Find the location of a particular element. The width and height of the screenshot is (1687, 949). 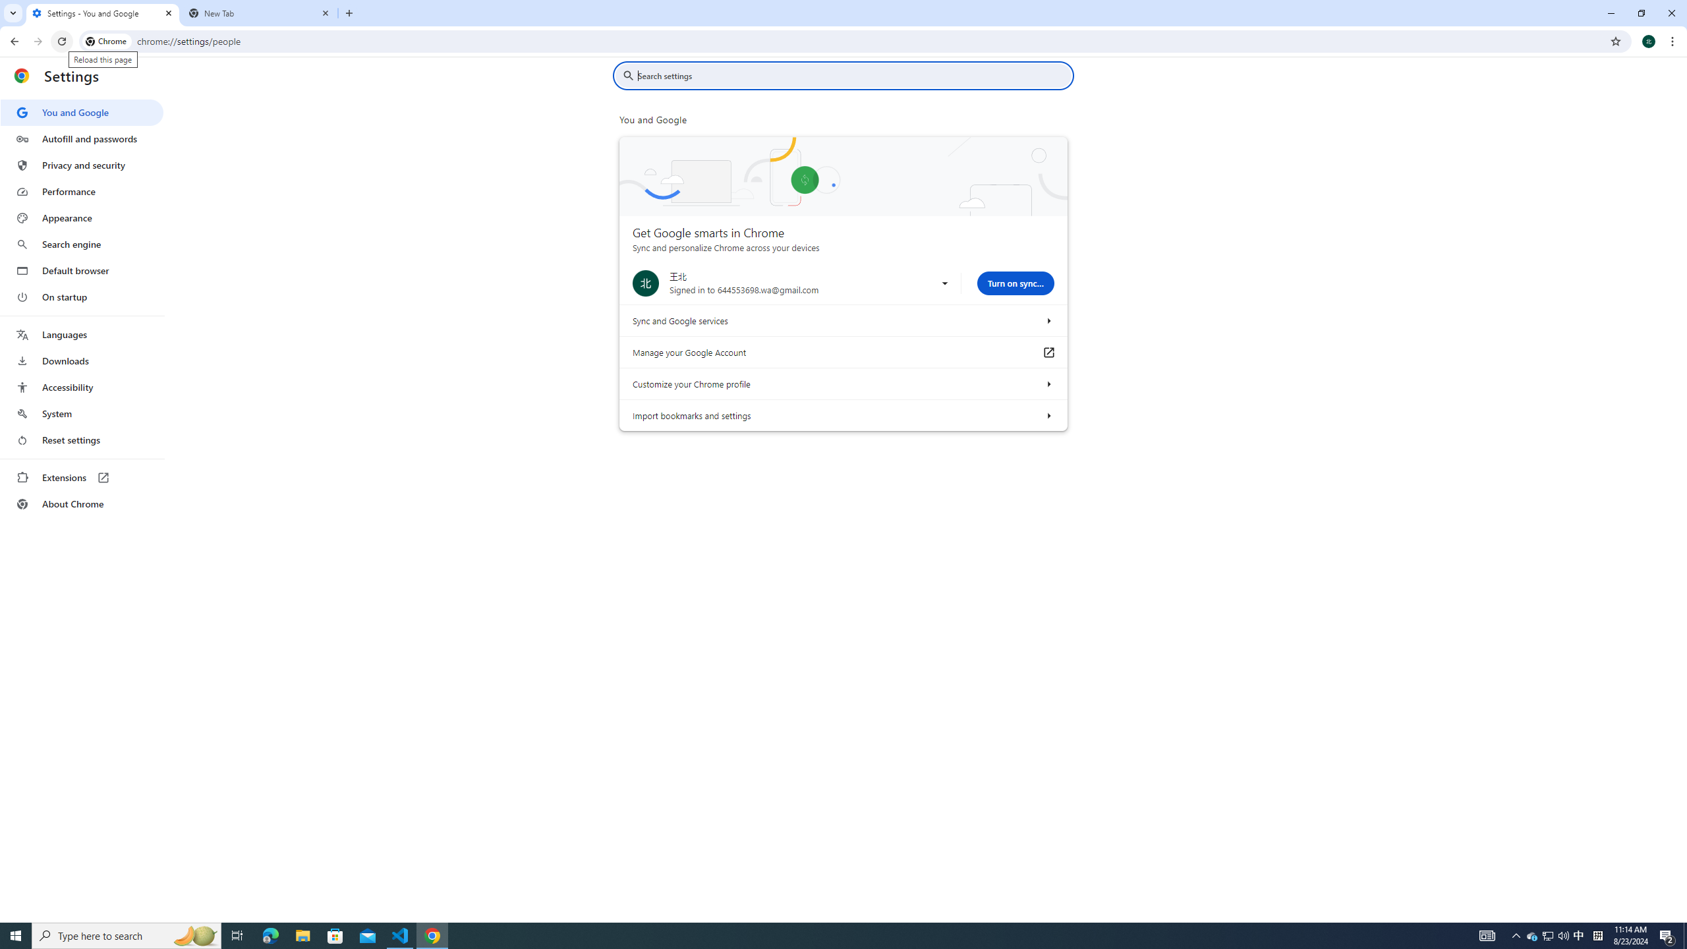

'Reset settings' is located at coordinates (81, 440).